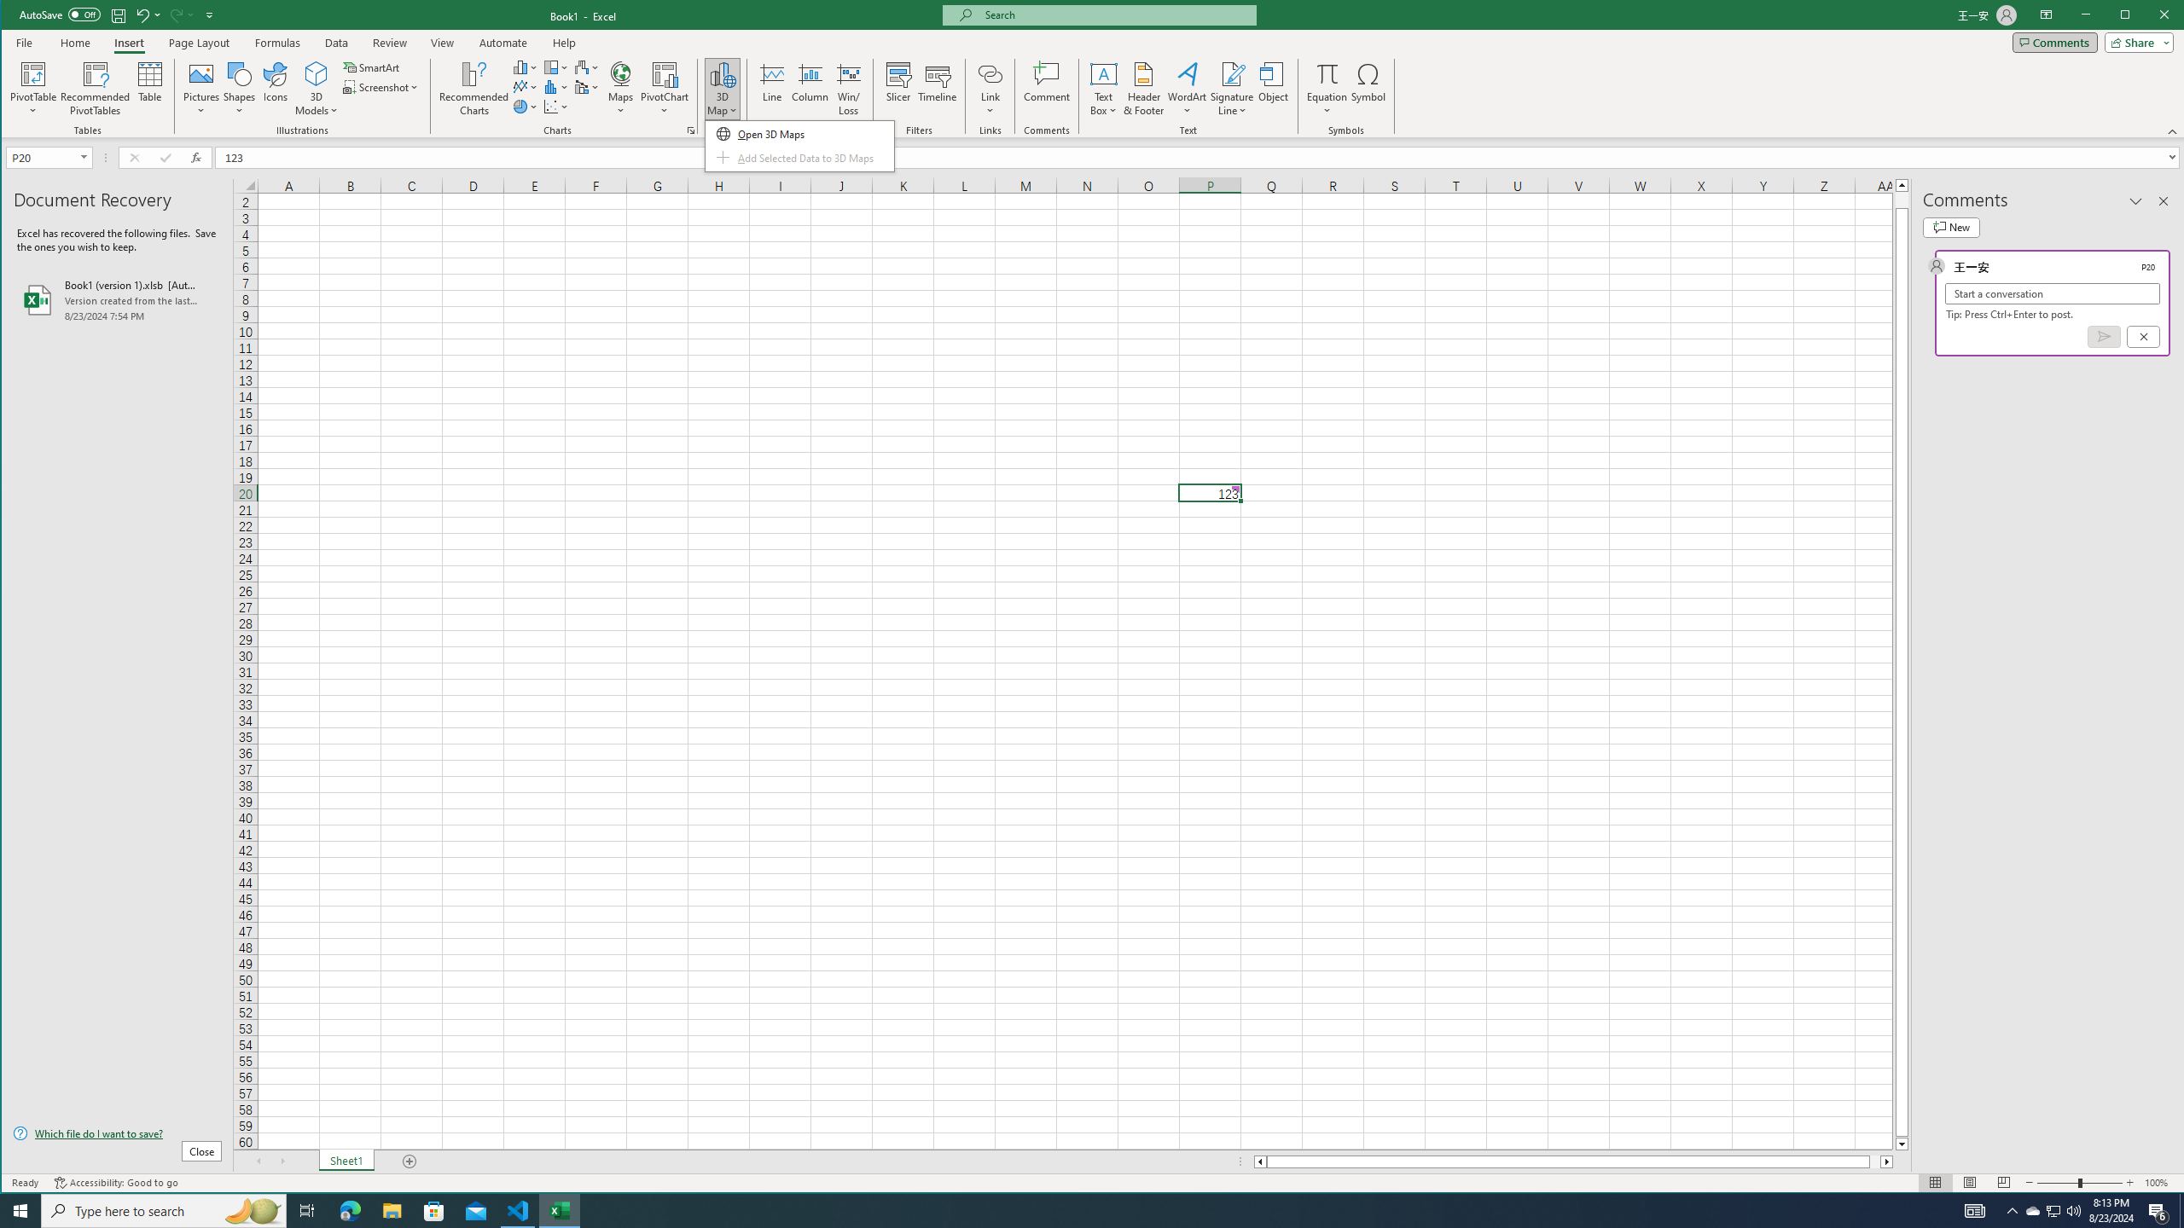  I want to click on 'Insert Waterfall, Funnel, Stock, Surface, or Radar Chart', so click(587, 87).